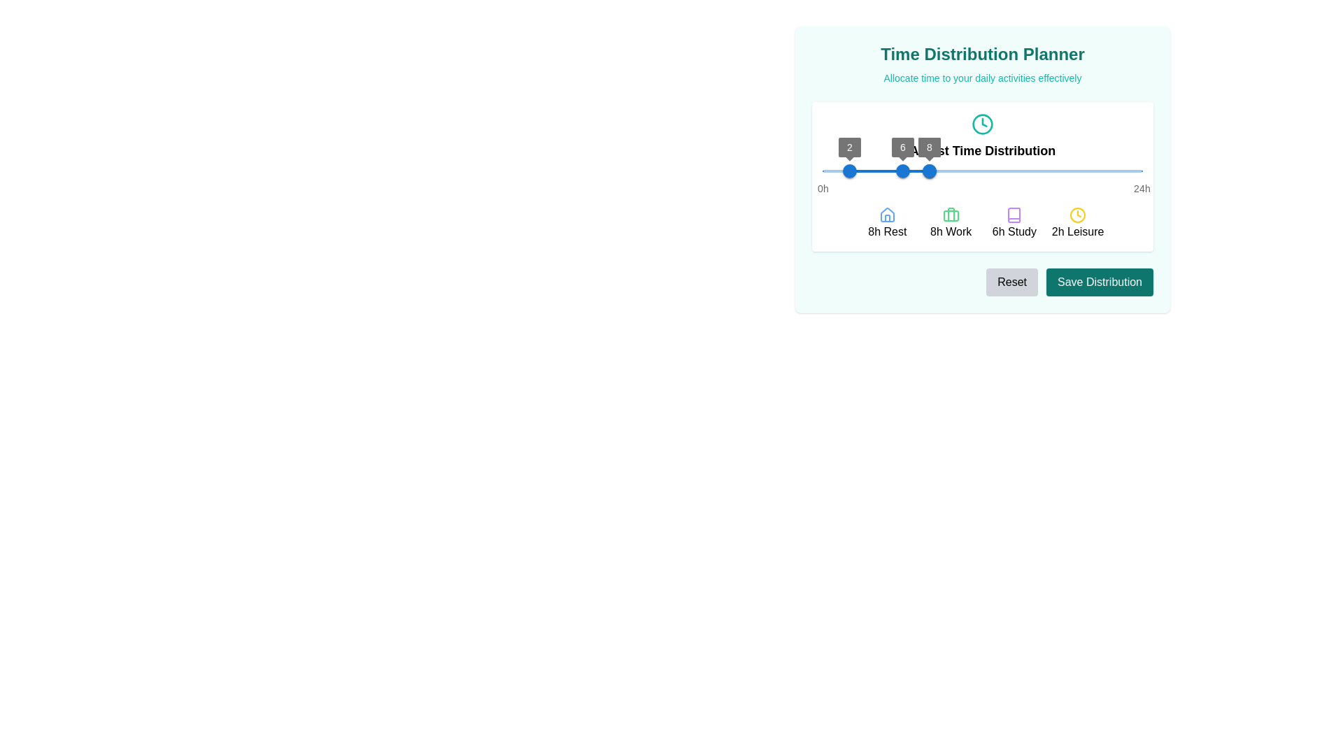  Describe the element at coordinates (886, 215) in the screenshot. I see `the house-shaped icon with a blue outline located above the text '8h Rest'` at that location.